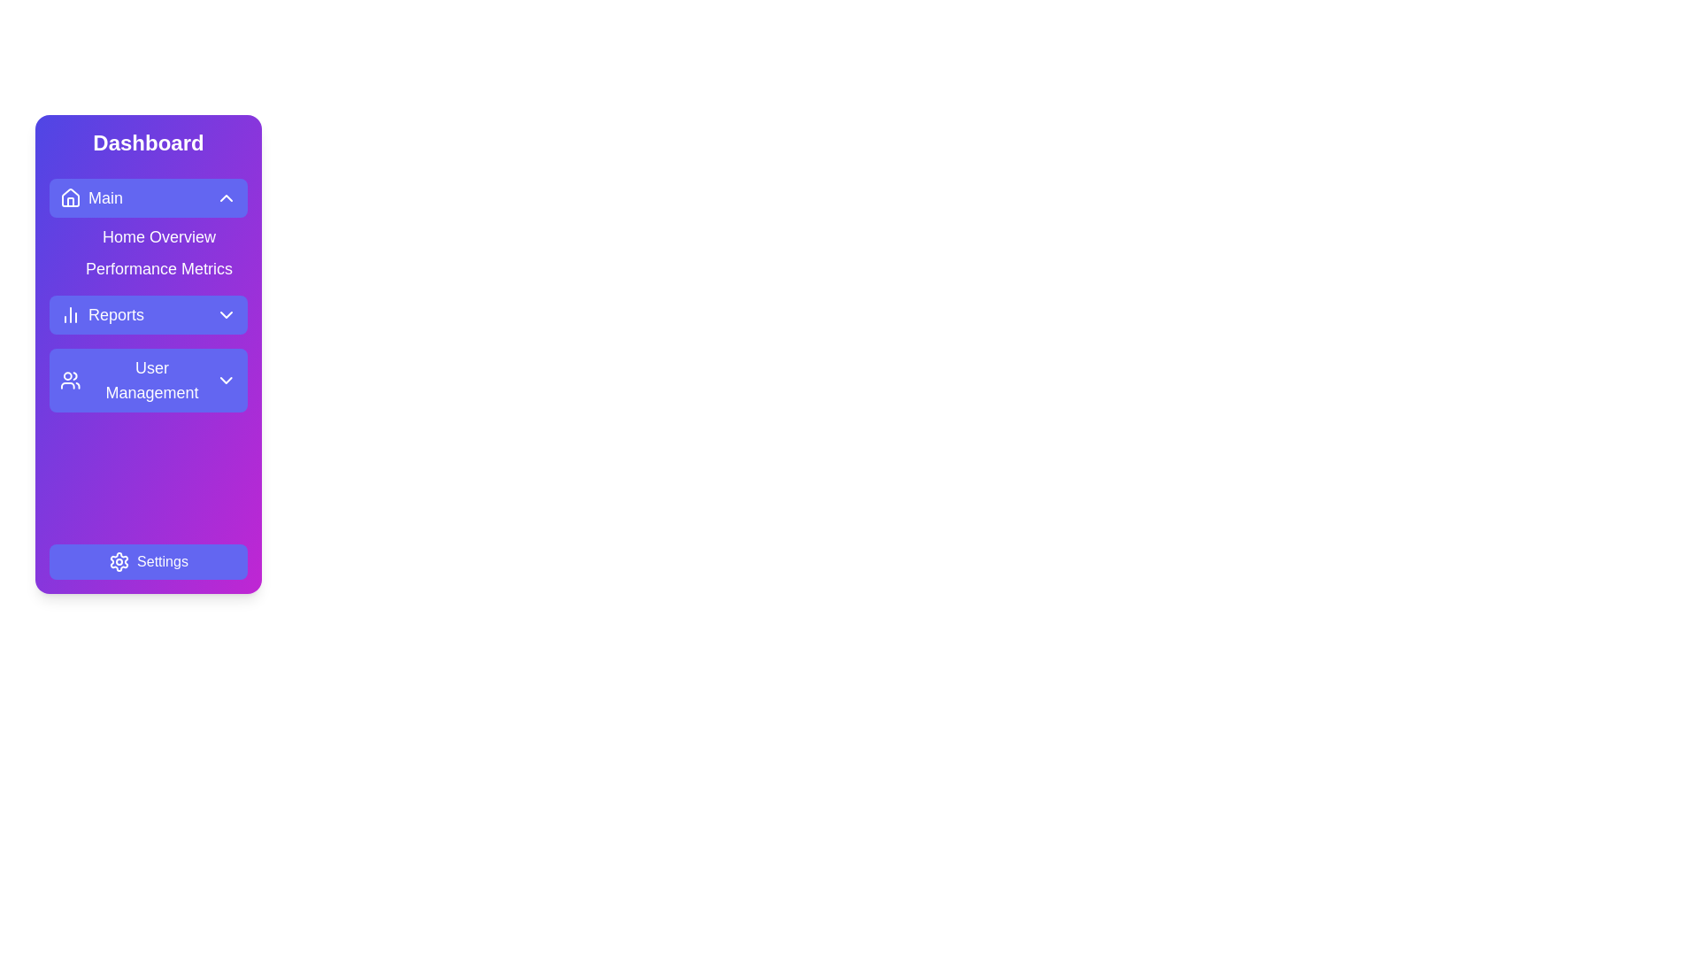 Image resolution: width=1699 pixels, height=956 pixels. What do you see at coordinates (149, 295) in the screenshot?
I see `the navigation menu item in the vertical sidebar` at bounding box center [149, 295].